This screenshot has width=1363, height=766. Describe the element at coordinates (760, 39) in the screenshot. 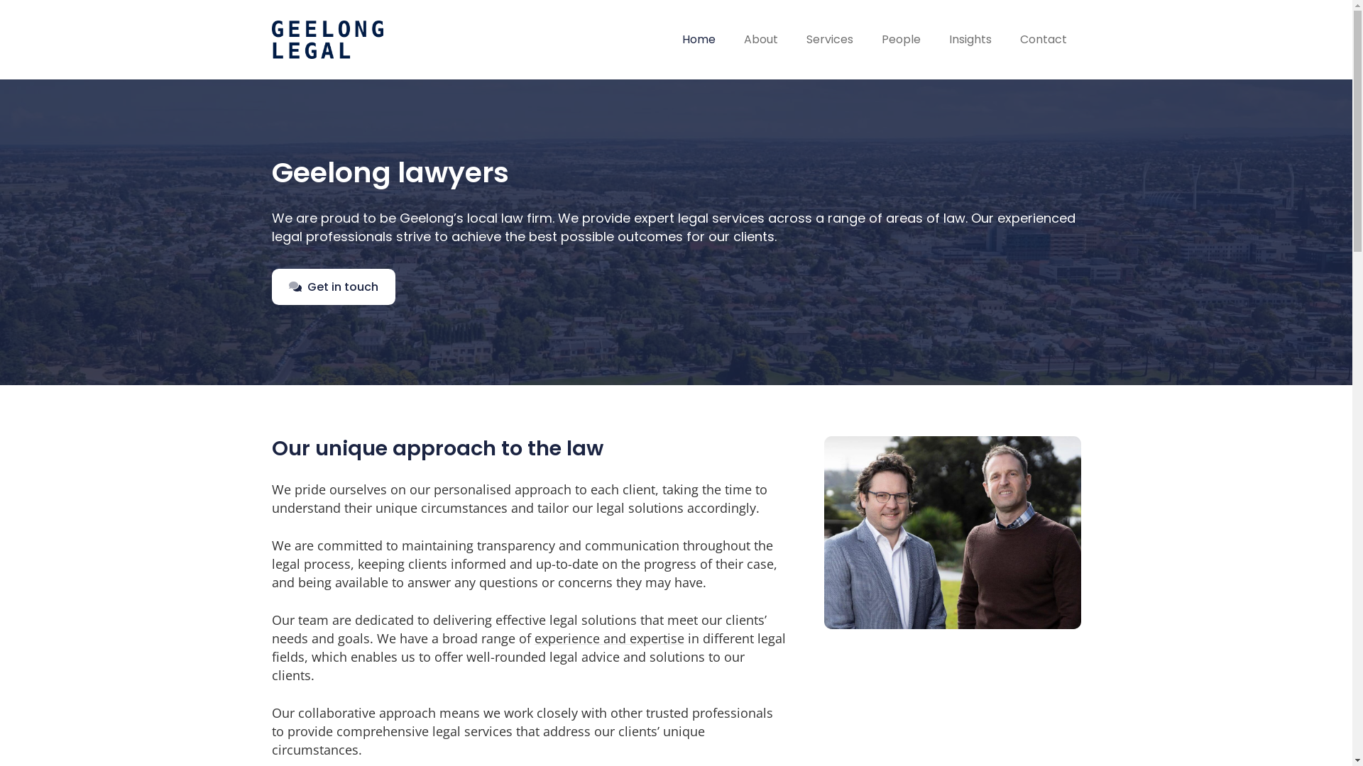

I see `'About'` at that location.